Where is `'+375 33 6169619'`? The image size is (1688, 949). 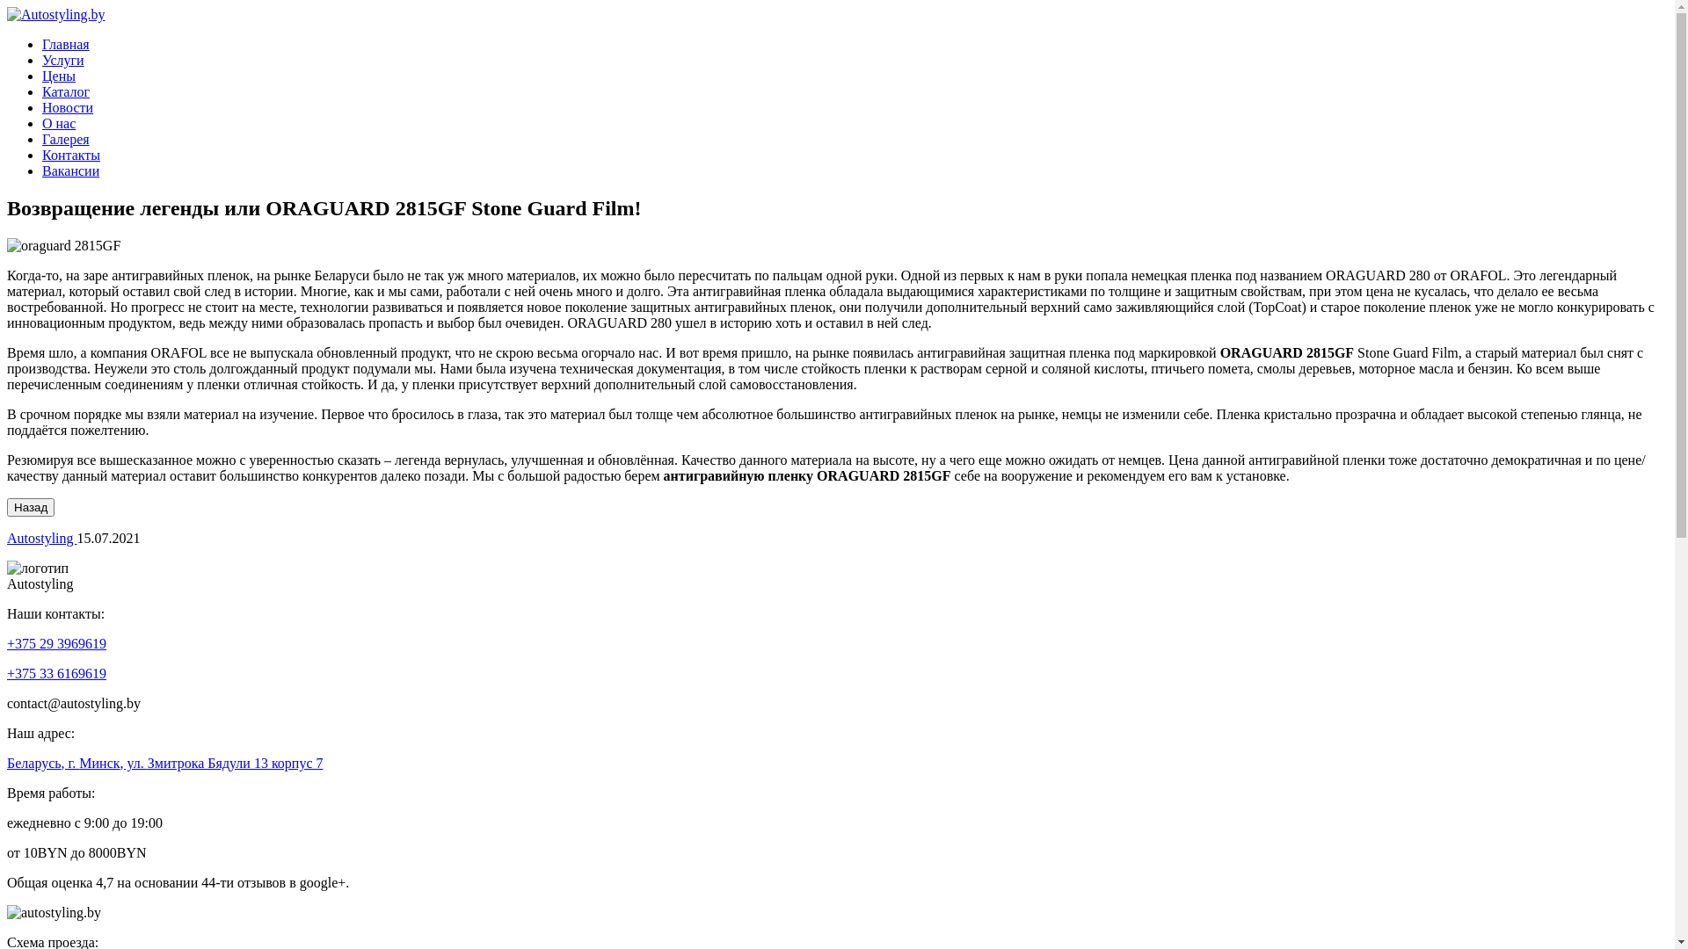
'+375 33 6169619' is located at coordinates (56, 672).